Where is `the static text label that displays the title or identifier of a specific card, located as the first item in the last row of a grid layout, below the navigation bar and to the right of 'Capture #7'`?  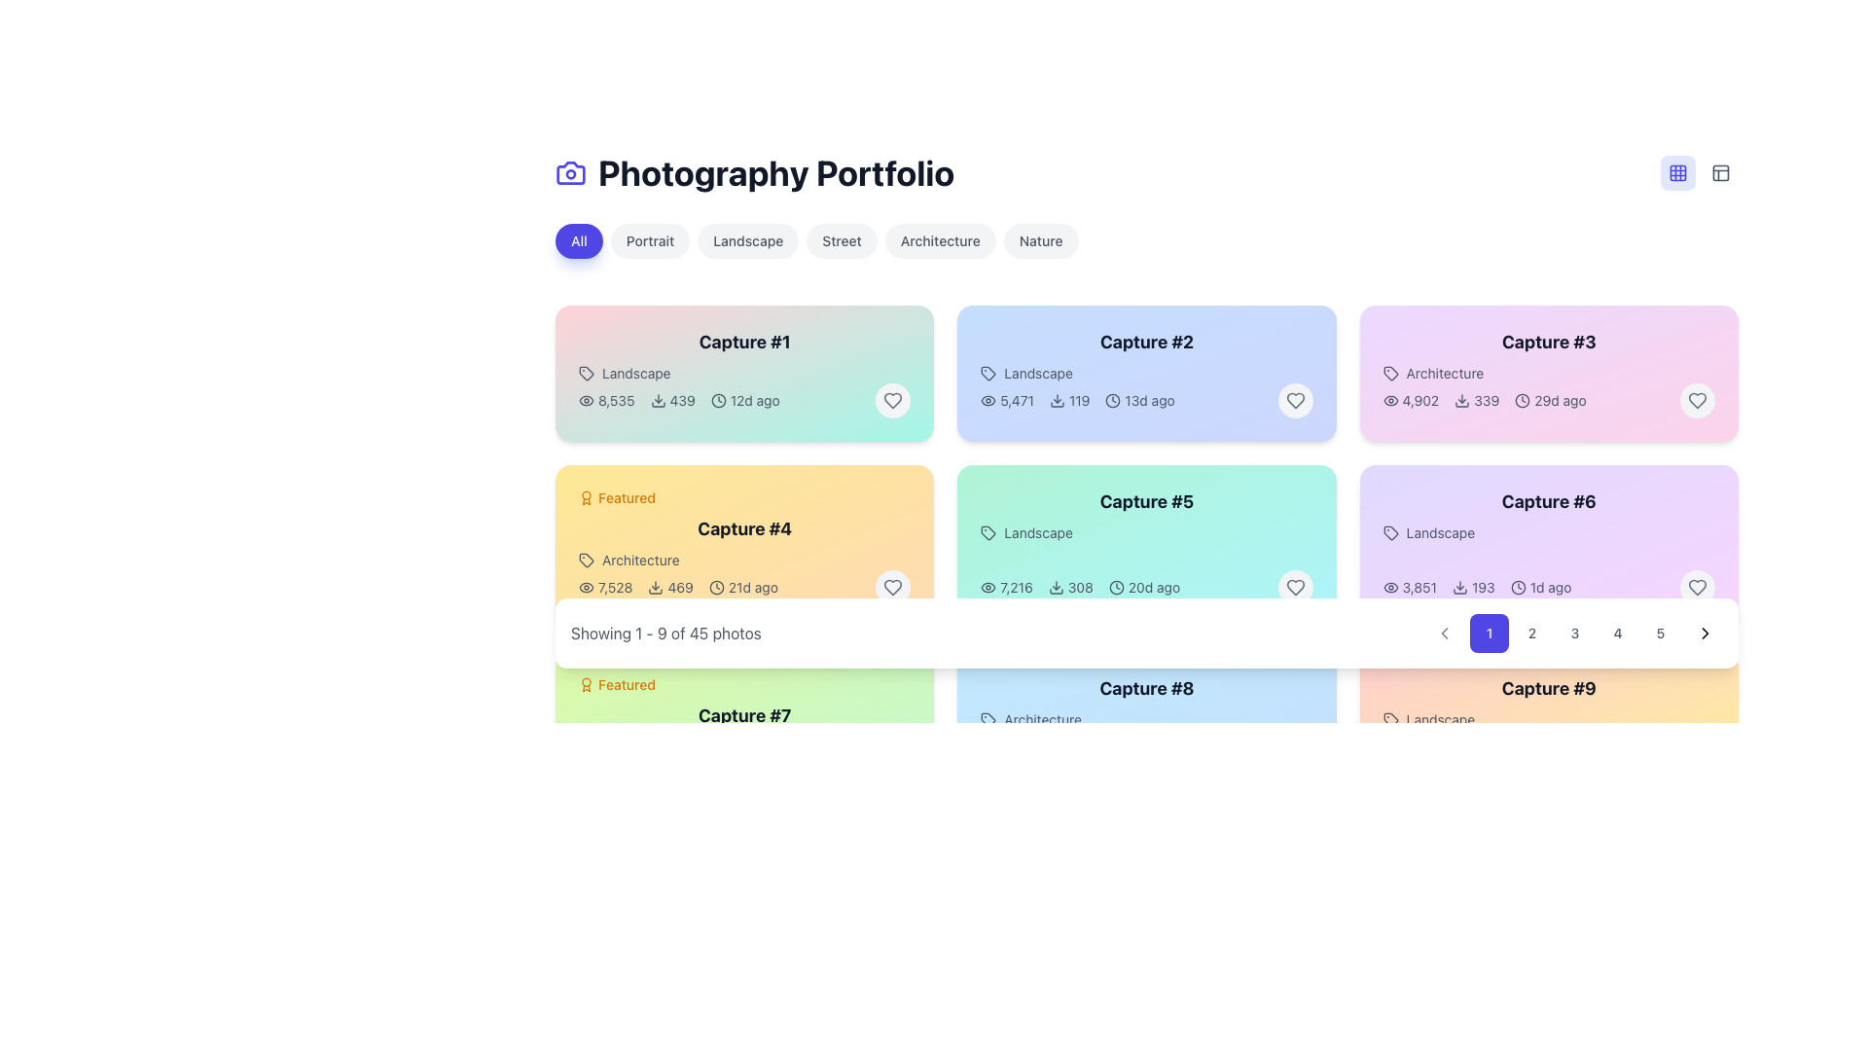
the static text label that displays the title or identifier of a specific card, located as the first item in the last row of a grid layout, below the navigation bar and to the right of 'Capture #7' is located at coordinates (1147, 688).